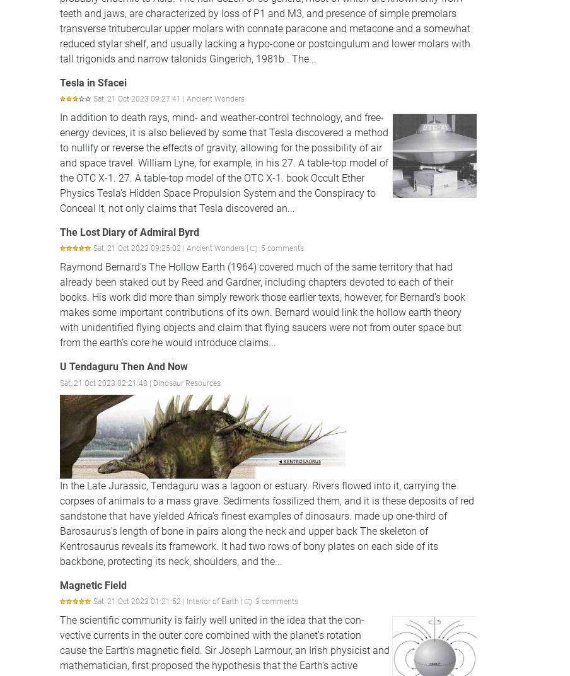 This screenshot has height=676, width=570. Describe the element at coordinates (223, 163) in the screenshot. I see `'In addition to death rays, mind- and weather-control technology, and free-energy devices, it is also believed by some that Tesla discovered a method to nullify or reverse the effects of gravity, allowing for the possibility of air and space travel. William Lyne, for example, in his 27. A table-top model of the OTC X-1. 27. A table-top model of the OTC X-1. book Occult Ether Physics Tesla's Hidden Space Propulsion System and the Conspiracy to Conceal It, not only claims that Tesla discovered an...'` at that location.